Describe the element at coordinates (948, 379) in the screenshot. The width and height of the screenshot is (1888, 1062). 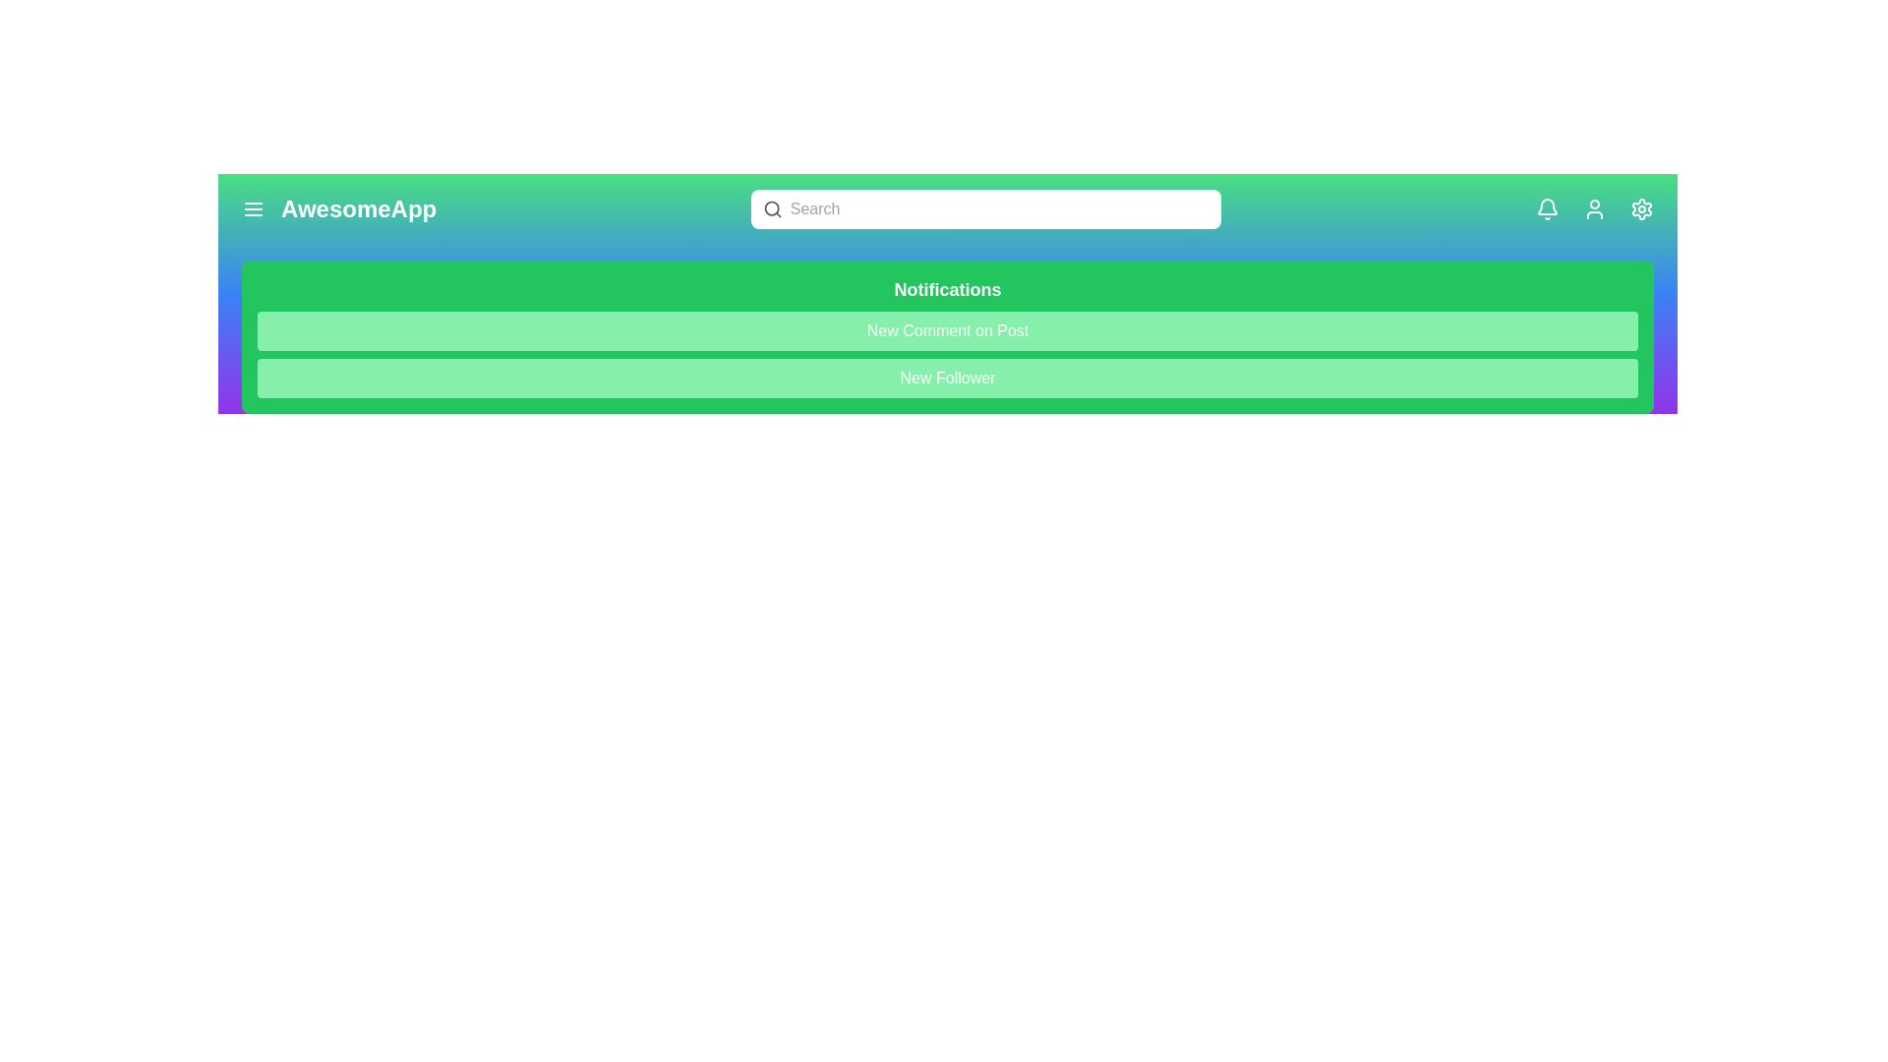
I see `the 'New Follower' text display element, which is a light green button with rounded corners located beneath the 'New Comment on Post' element in the notifications section` at that location.